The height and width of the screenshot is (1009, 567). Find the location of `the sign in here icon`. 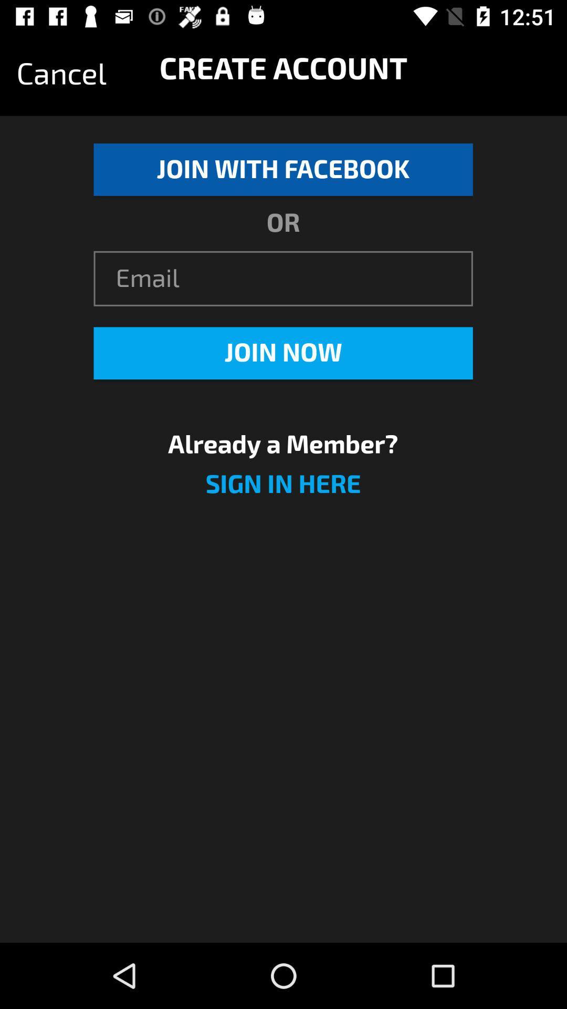

the sign in here icon is located at coordinates (282, 490).